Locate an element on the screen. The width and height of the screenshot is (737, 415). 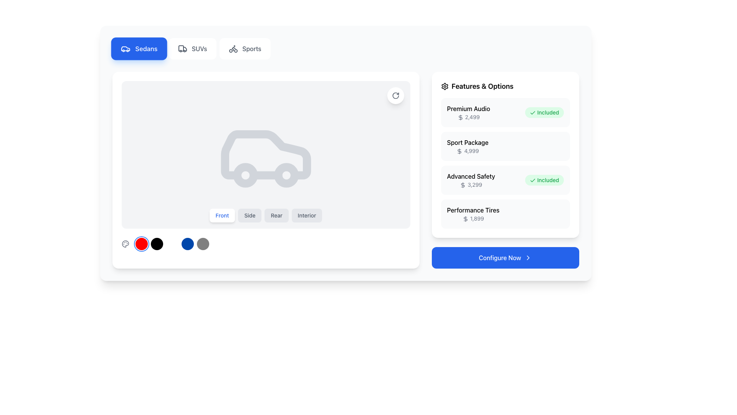
the selectable feature 'Sport Package' with the price '$4,999' located in the 'Features & Options' section, which is the second item in a vertical list is located at coordinates (467, 146).